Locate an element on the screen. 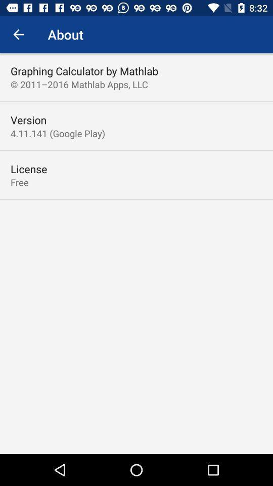 The width and height of the screenshot is (273, 486). the free is located at coordinates (19, 182).